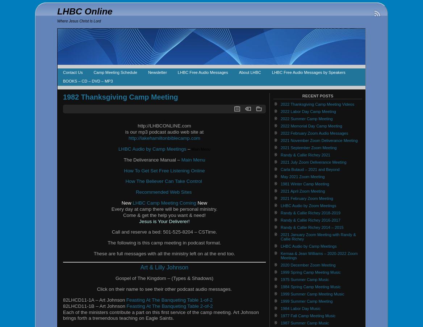 The width and height of the screenshot is (423, 327). What do you see at coordinates (202, 72) in the screenshot?
I see `'LHBC Free Audio Messages'` at bounding box center [202, 72].